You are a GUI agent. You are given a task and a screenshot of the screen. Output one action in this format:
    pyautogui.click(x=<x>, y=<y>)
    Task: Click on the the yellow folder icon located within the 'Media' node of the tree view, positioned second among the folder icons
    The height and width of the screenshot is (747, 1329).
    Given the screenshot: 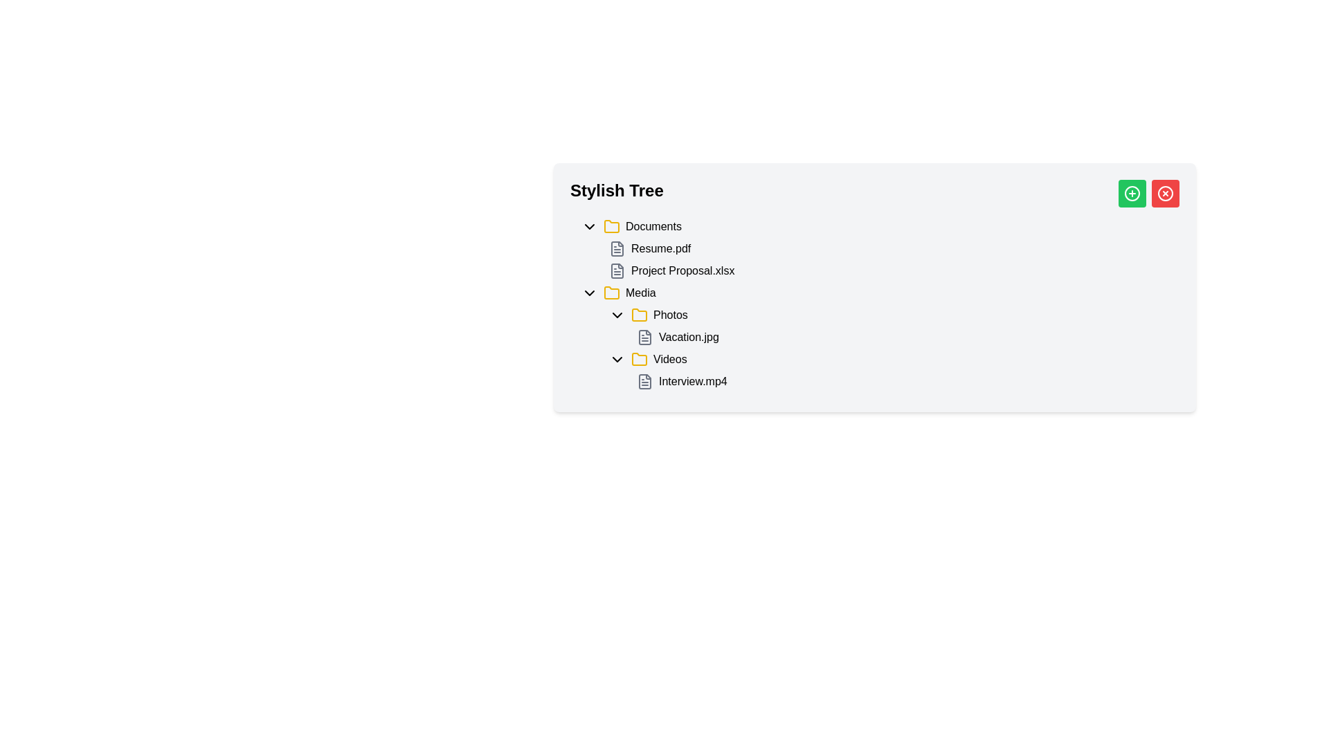 What is the action you would take?
    pyautogui.click(x=639, y=358)
    